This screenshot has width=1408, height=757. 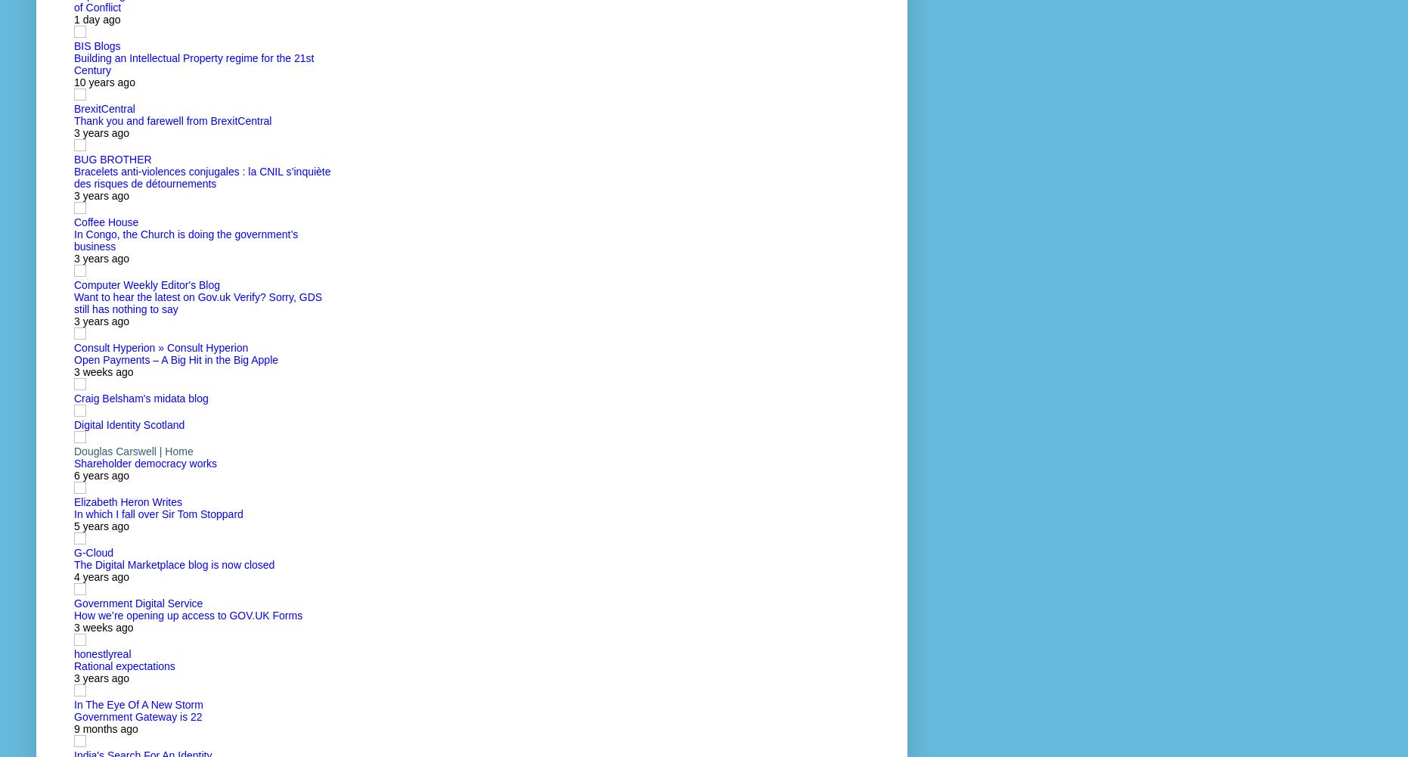 I want to click on 'Coffee House', so click(x=105, y=222).